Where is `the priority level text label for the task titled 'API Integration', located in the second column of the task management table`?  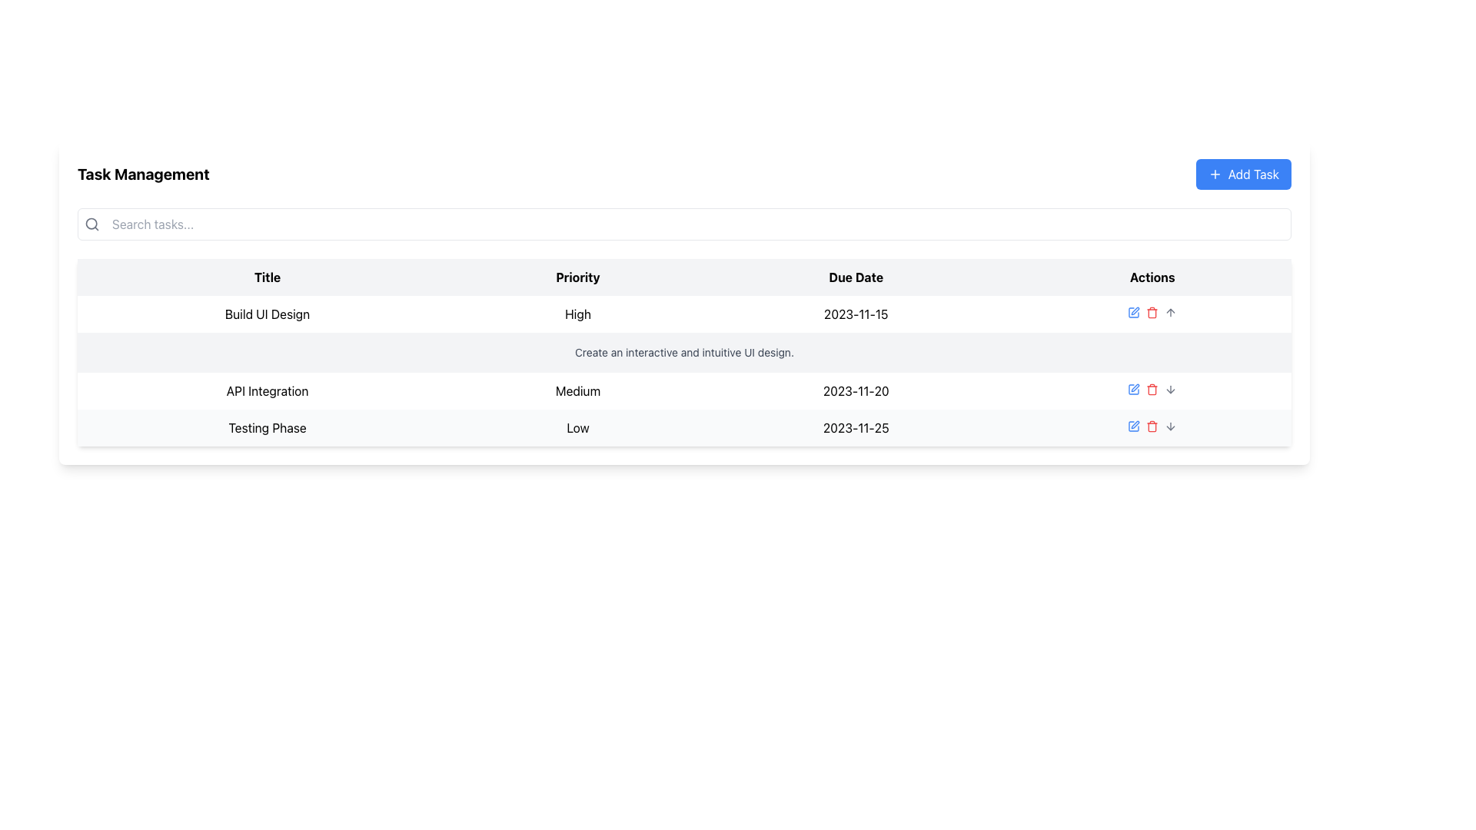
the priority level text label for the task titled 'API Integration', located in the second column of the task management table is located at coordinates (577, 390).